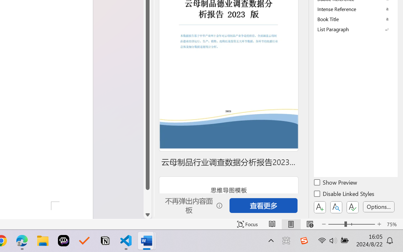 The height and width of the screenshot is (252, 403). Describe the element at coordinates (336, 183) in the screenshot. I see `'Show Preview'` at that location.